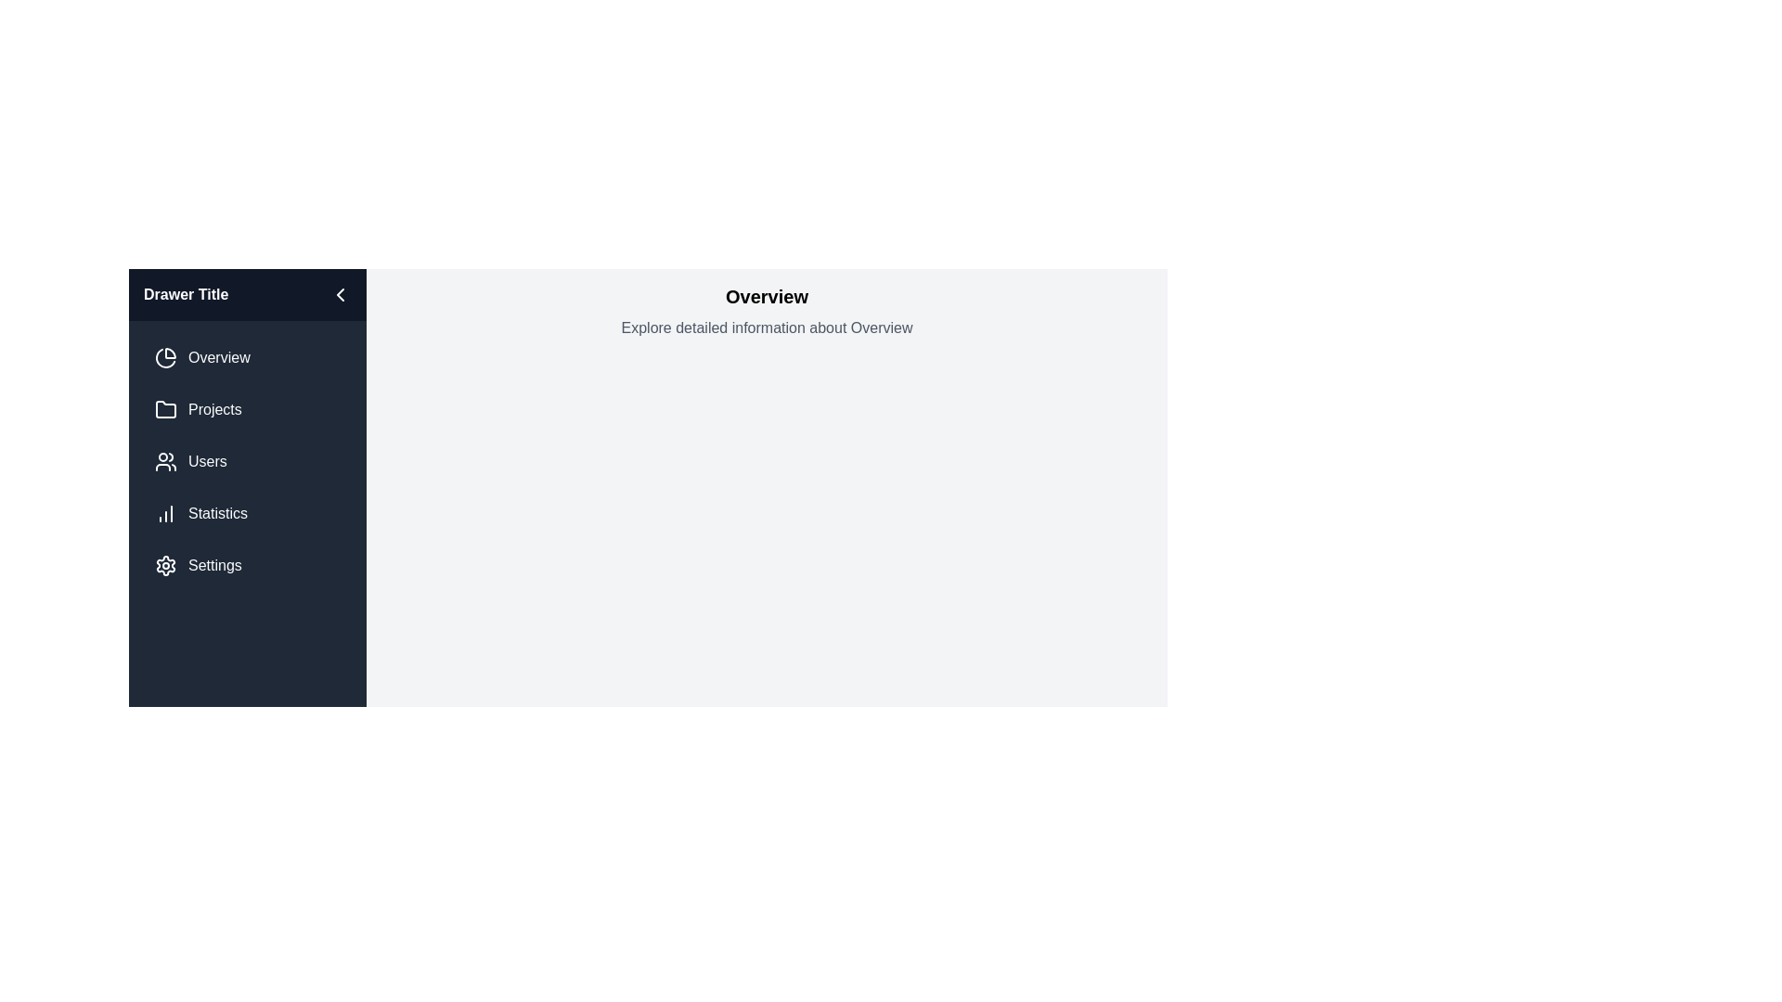  What do you see at coordinates (165, 409) in the screenshot?
I see `the icon next to the menu item labeled Projects` at bounding box center [165, 409].